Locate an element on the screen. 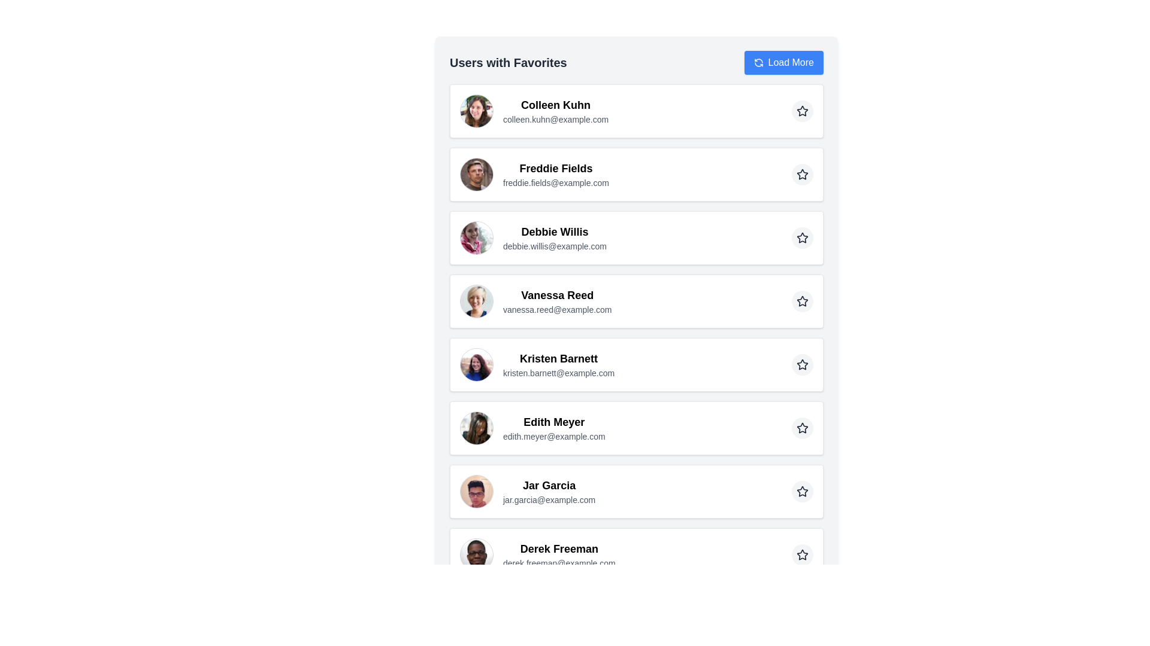  displayed name 'Kristen Barnett' and email address 'kristen.barnett@example.com' from the text block in the fifth user entry of the user list, positioned to the right of the profile picture is located at coordinates (558, 364).